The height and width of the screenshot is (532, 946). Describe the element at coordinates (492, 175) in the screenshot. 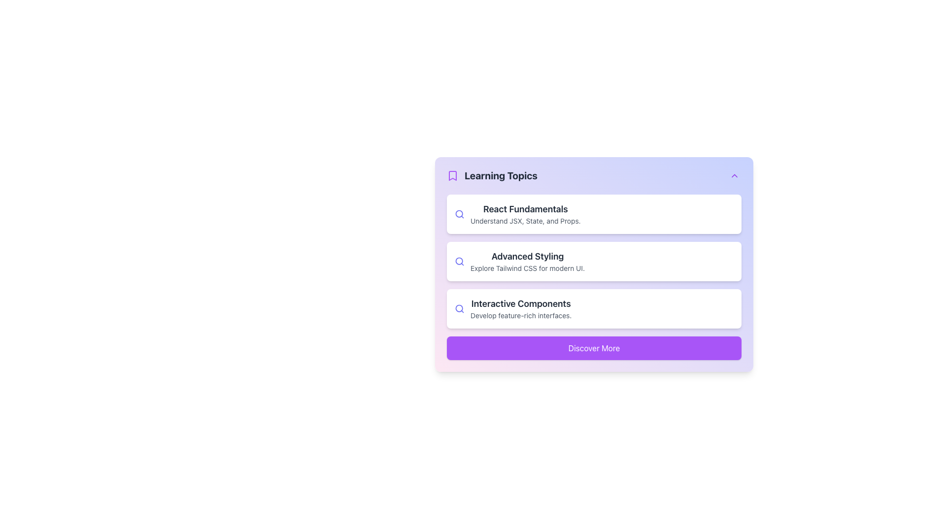

I see `the combined label and icon element that features a bookmark icon with a purple outline and a bold dark gray text label saying 'Learning Topics.'` at that location.